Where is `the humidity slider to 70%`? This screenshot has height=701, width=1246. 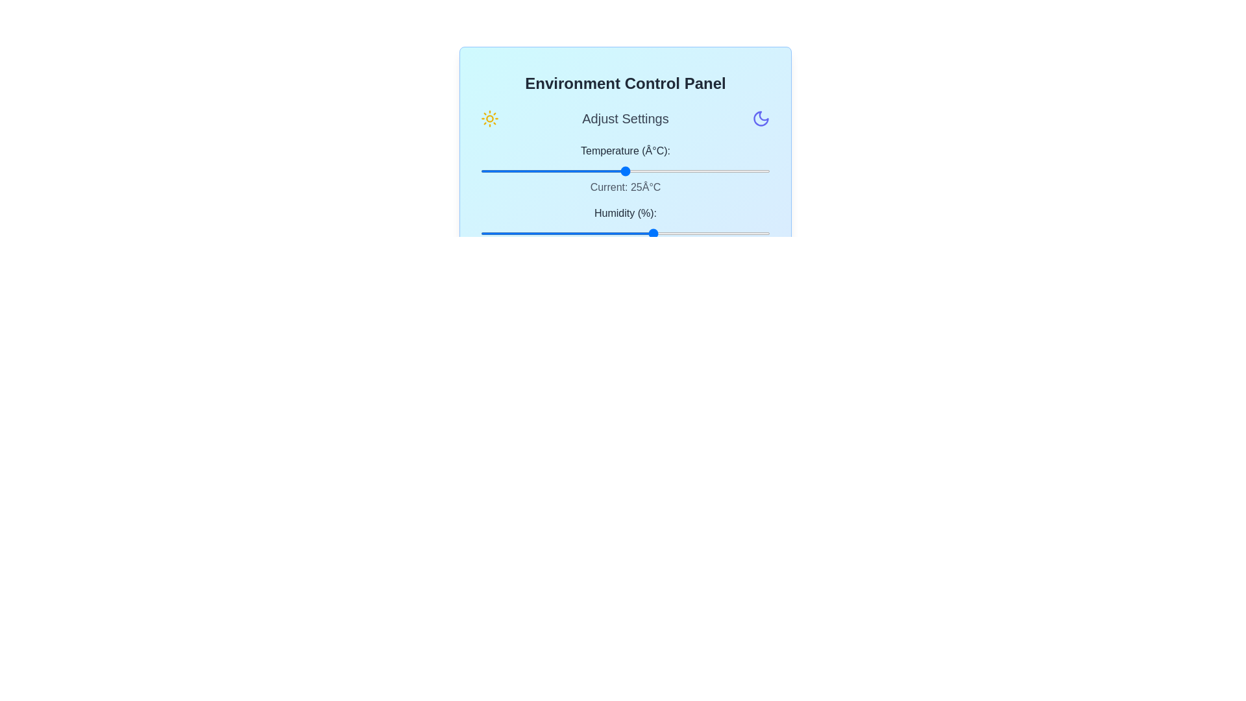 the humidity slider to 70% is located at coordinates (683, 232).